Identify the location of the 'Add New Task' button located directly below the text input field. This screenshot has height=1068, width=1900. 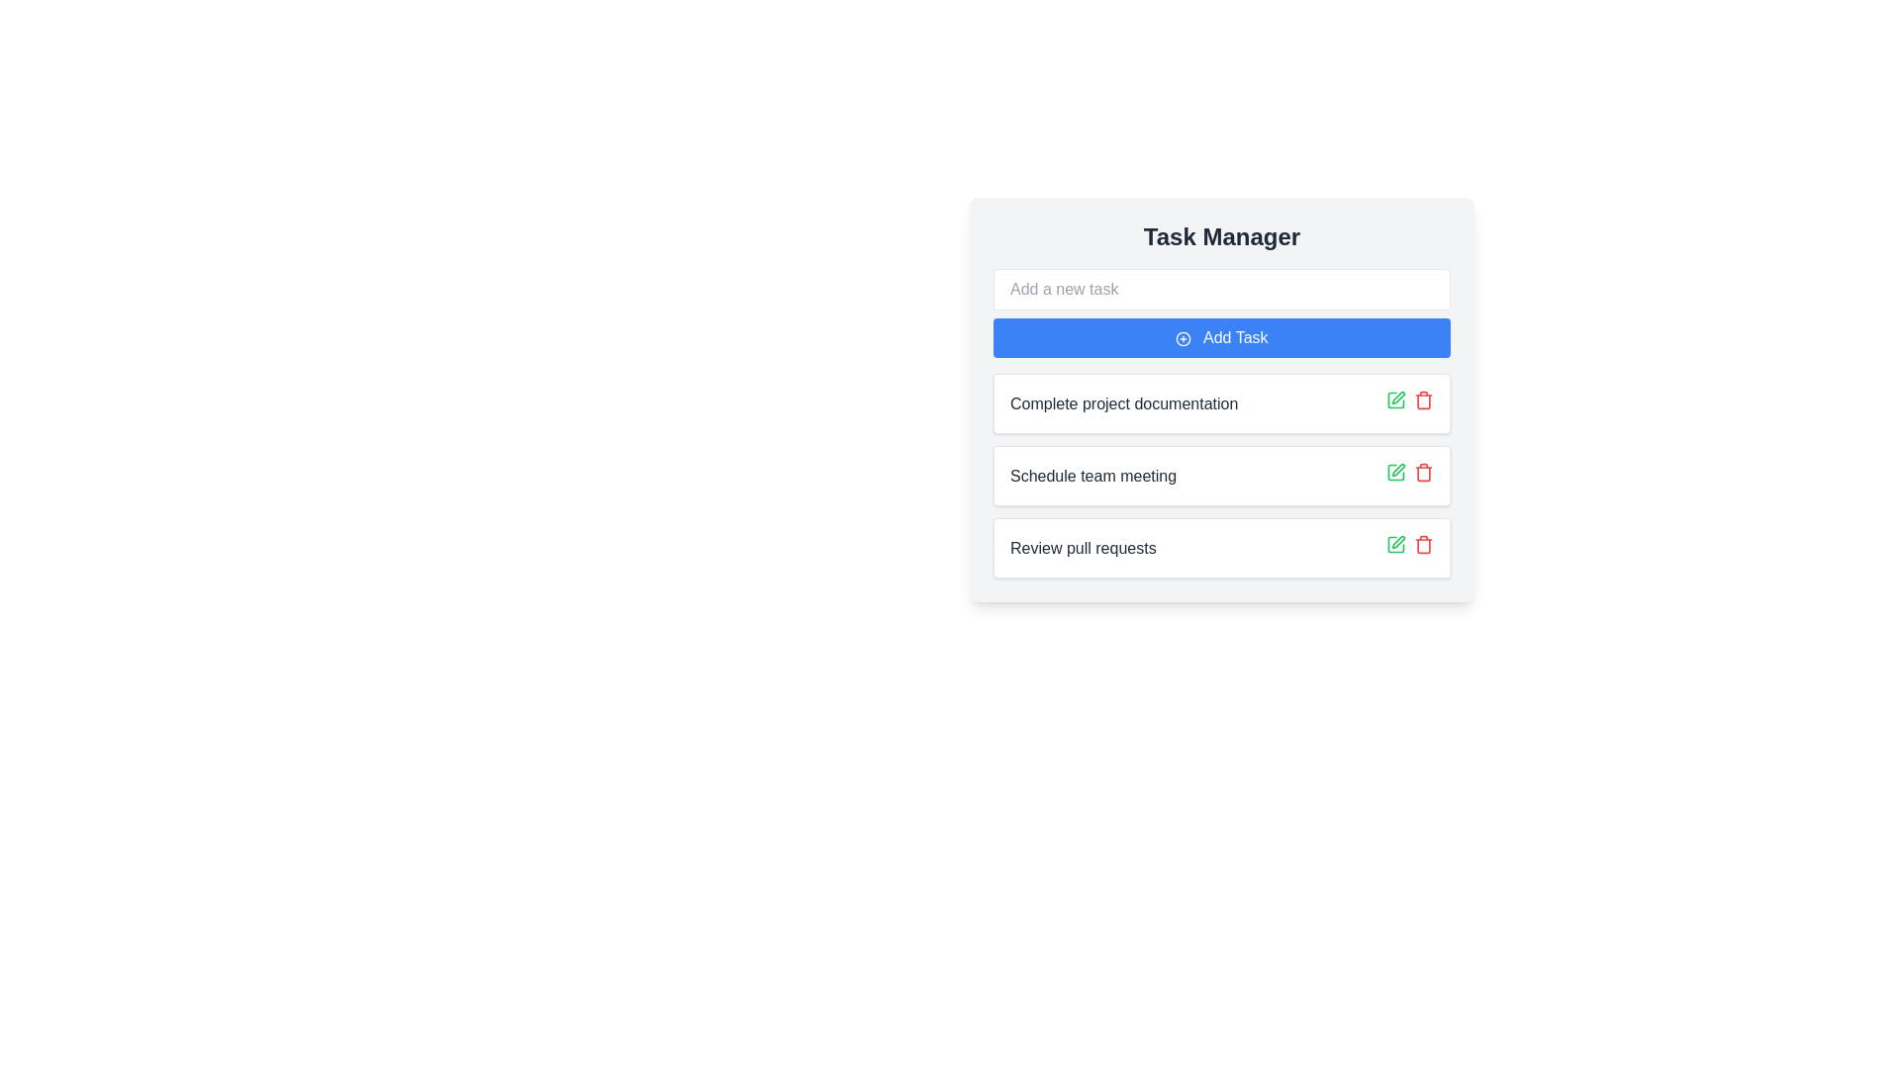
(1220, 337).